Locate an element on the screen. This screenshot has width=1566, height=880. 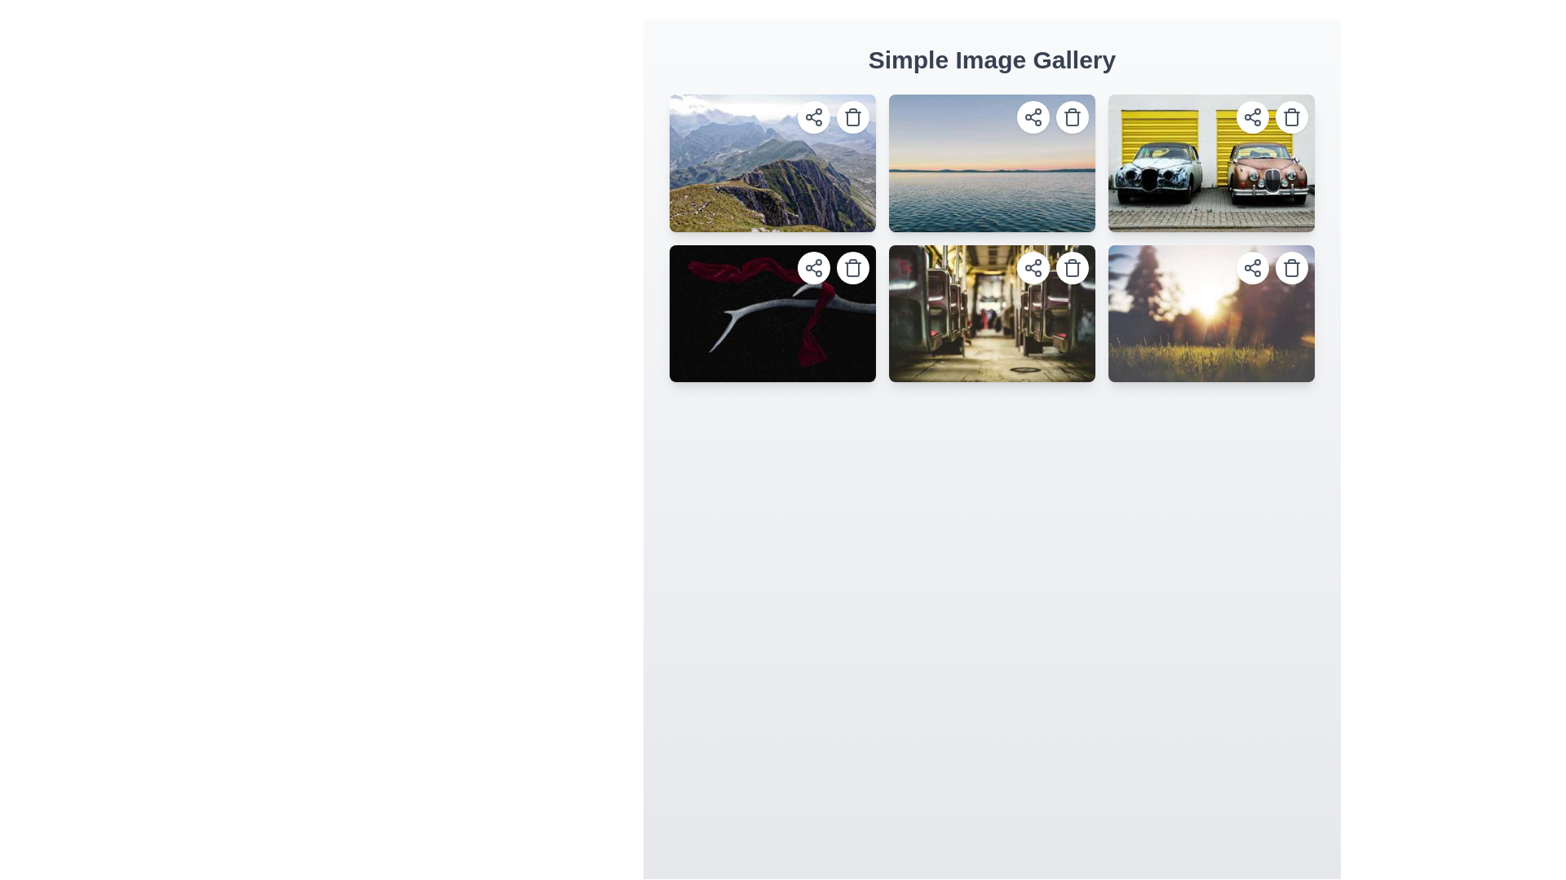
the circular button with a trash bin icon located in the top-right corner of the bottom-middle image's overlay section is located at coordinates (1073, 266).